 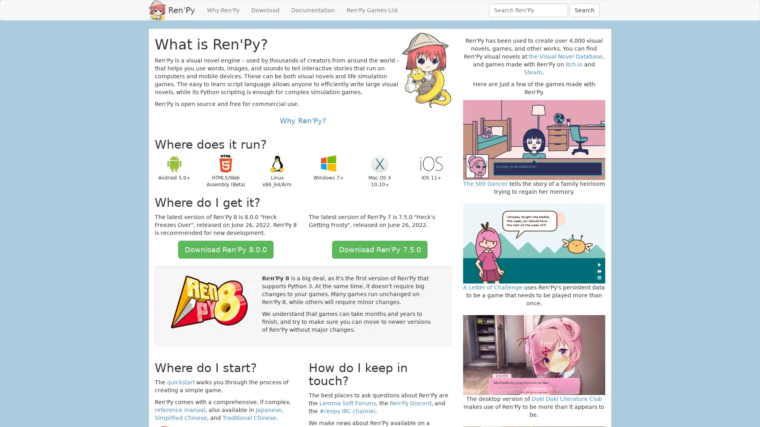 What do you see at coordinates (379, 249) in the screenshot?
I see `Download Ren'Py 7.5.0` at bounding box center [379, 249].